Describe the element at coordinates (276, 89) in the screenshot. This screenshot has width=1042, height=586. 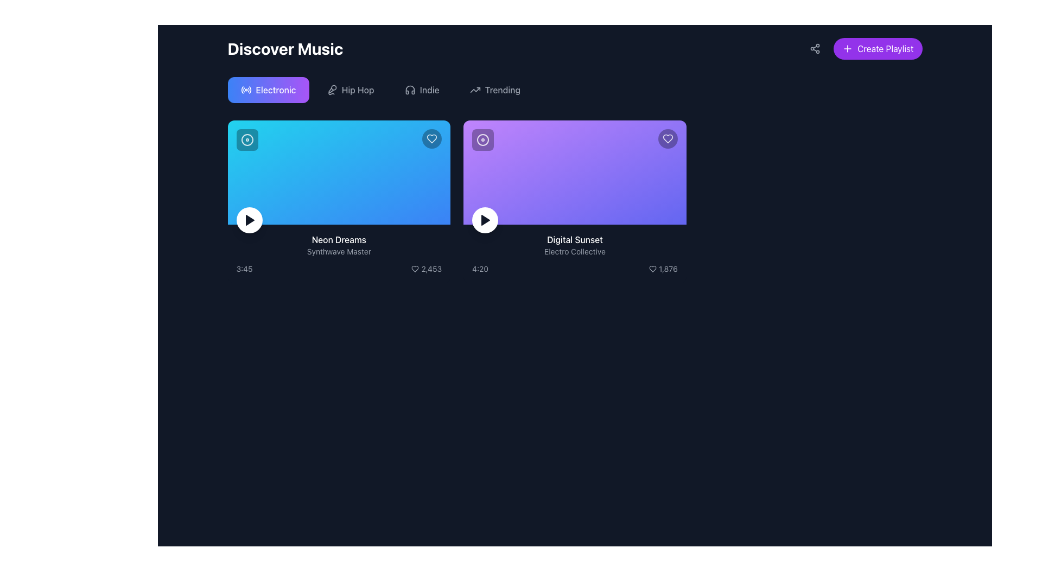
I see `the 'Electronic' text label located within the button group under the 'Discover Music' header` at that location.